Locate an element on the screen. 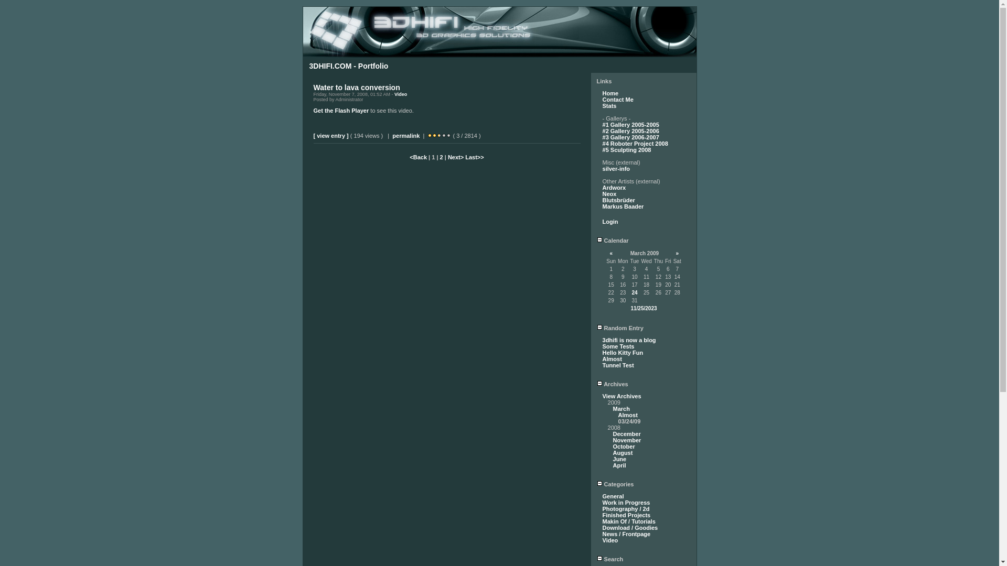 This screenshot has height=566, width=1007. 'Contact Me' is located at coordinates (618, 99).